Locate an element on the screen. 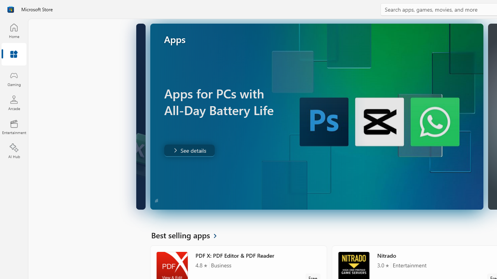  'See all  Best selling apps' is located at coordinates (188, 234).